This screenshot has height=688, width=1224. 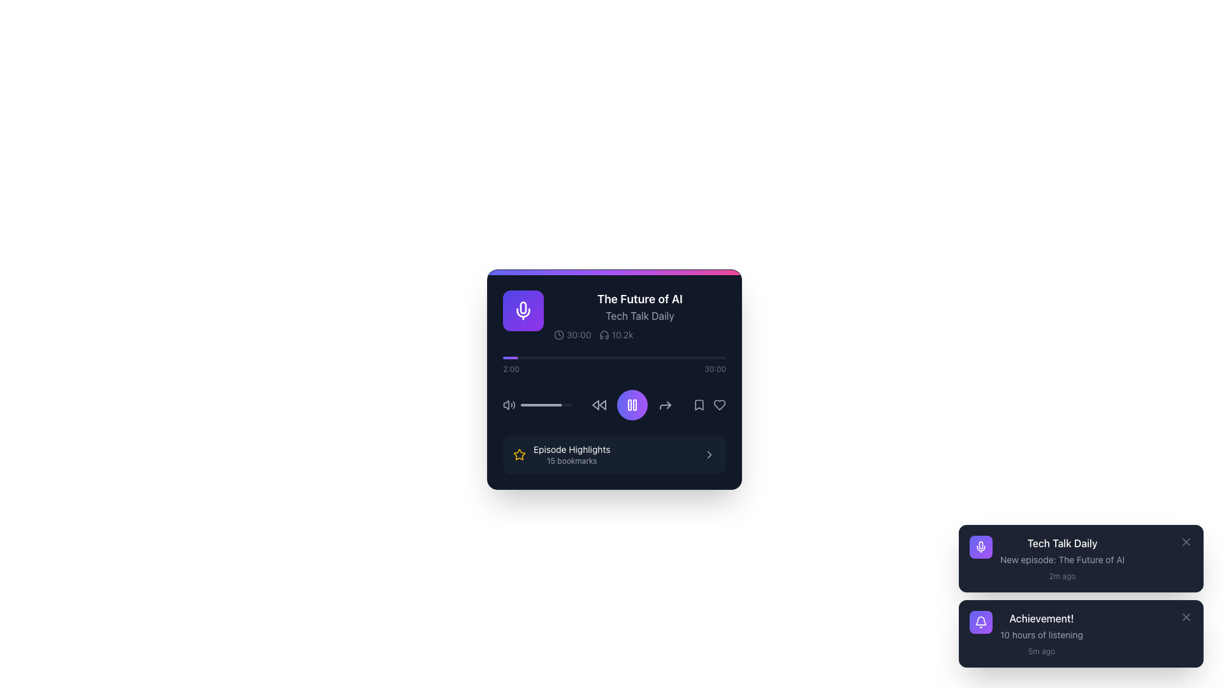 I want to click on the informational text label located in the lower part of the card layout, which provides episode highlights and bookmark counts, positioned to the right of a yellow star icon, so click(x=571, y=454).